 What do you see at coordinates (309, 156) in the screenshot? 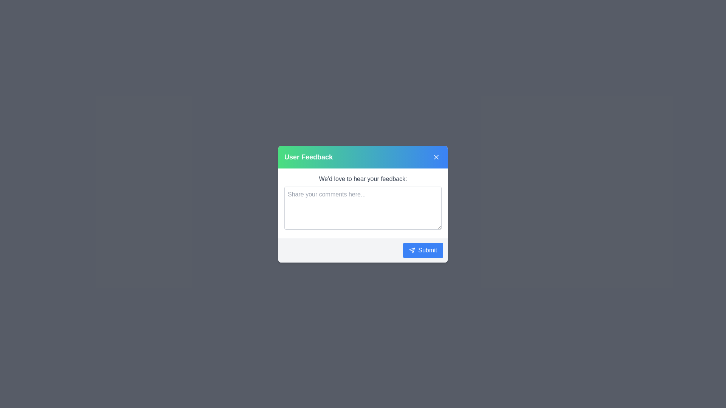
I see `the text label displaying 'User Feedback' located on the left side of the header in the modal dialog, which has a gradient background transitioning from green to blue` at bounding box center [309, 156].